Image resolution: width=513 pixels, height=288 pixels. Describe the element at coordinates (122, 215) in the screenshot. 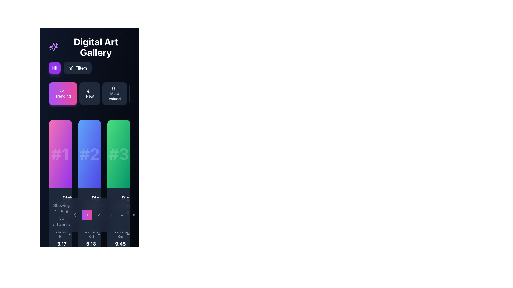

I see `the pagination button that navigates to the fourth set of items in the gallery, located below the digital art gallery grid` at that location.